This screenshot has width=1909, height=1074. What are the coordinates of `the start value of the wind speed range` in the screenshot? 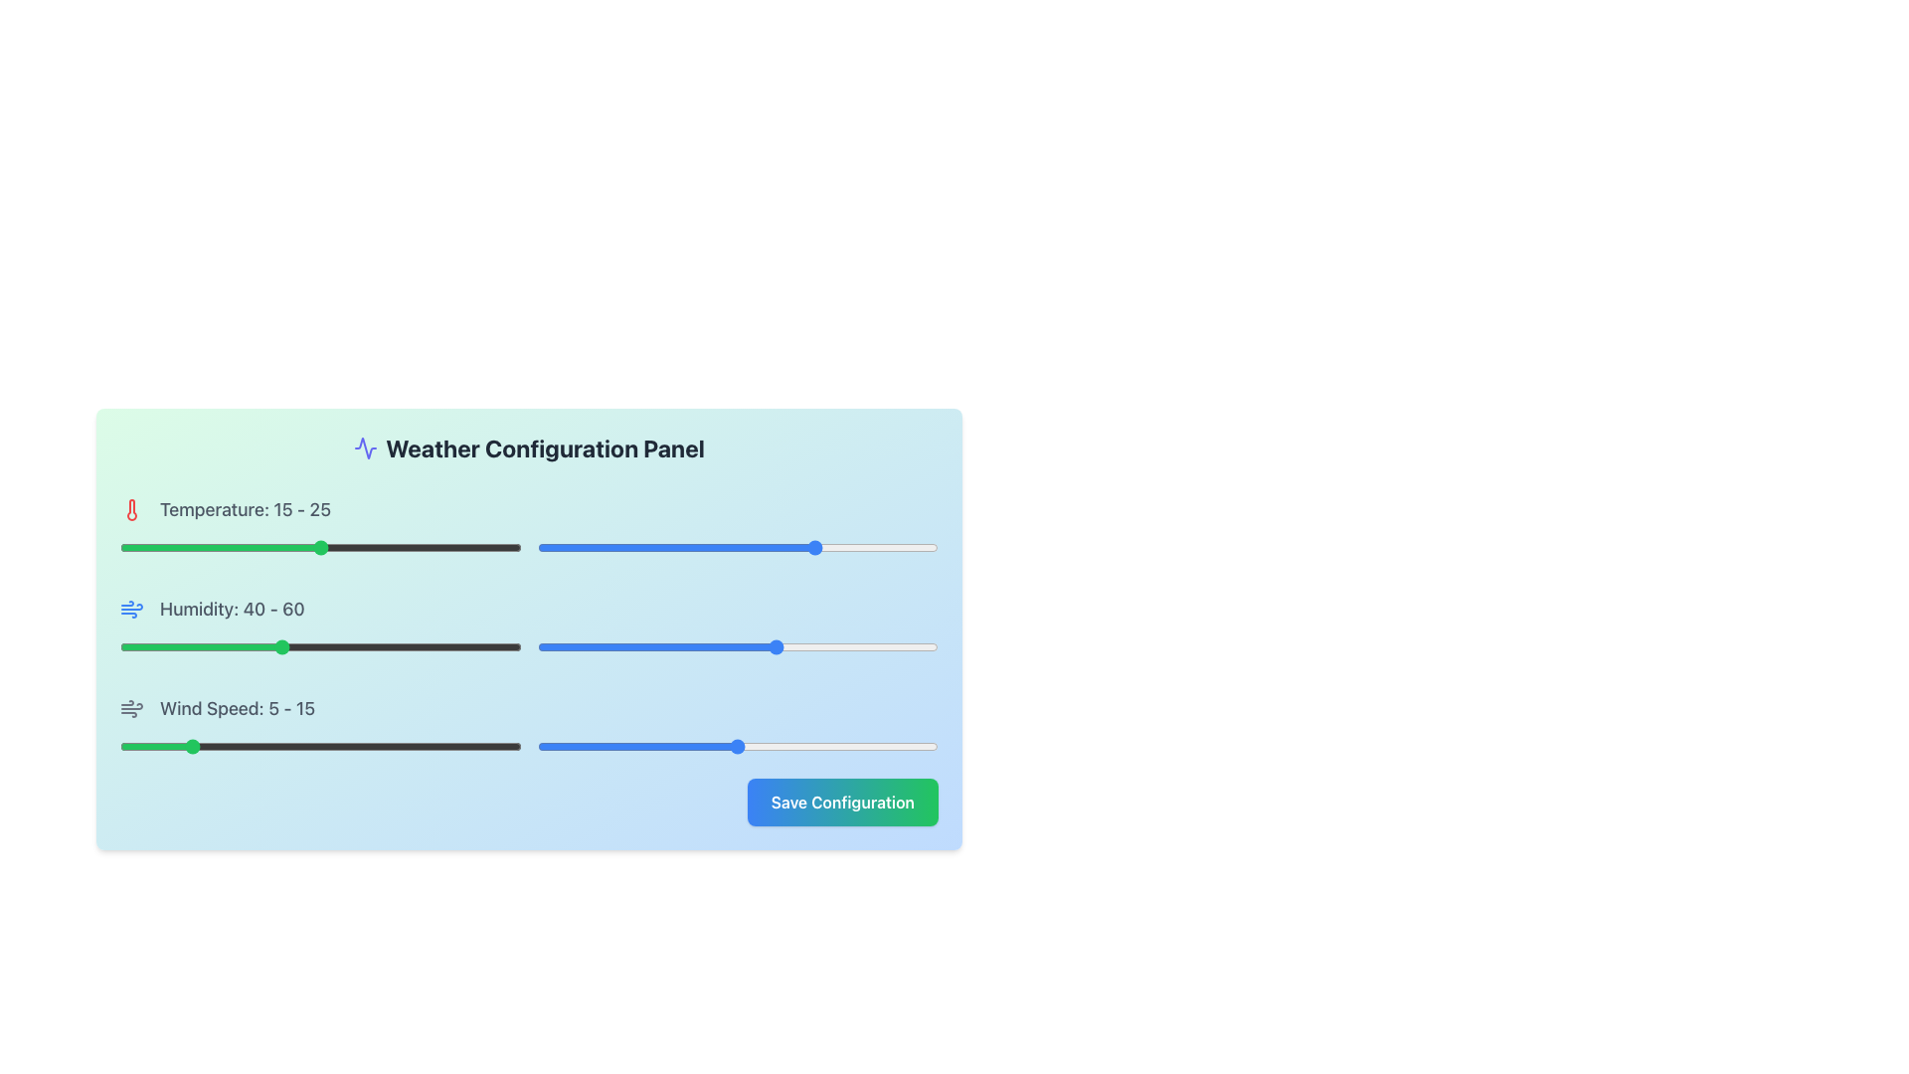 It's located at (292, 747).